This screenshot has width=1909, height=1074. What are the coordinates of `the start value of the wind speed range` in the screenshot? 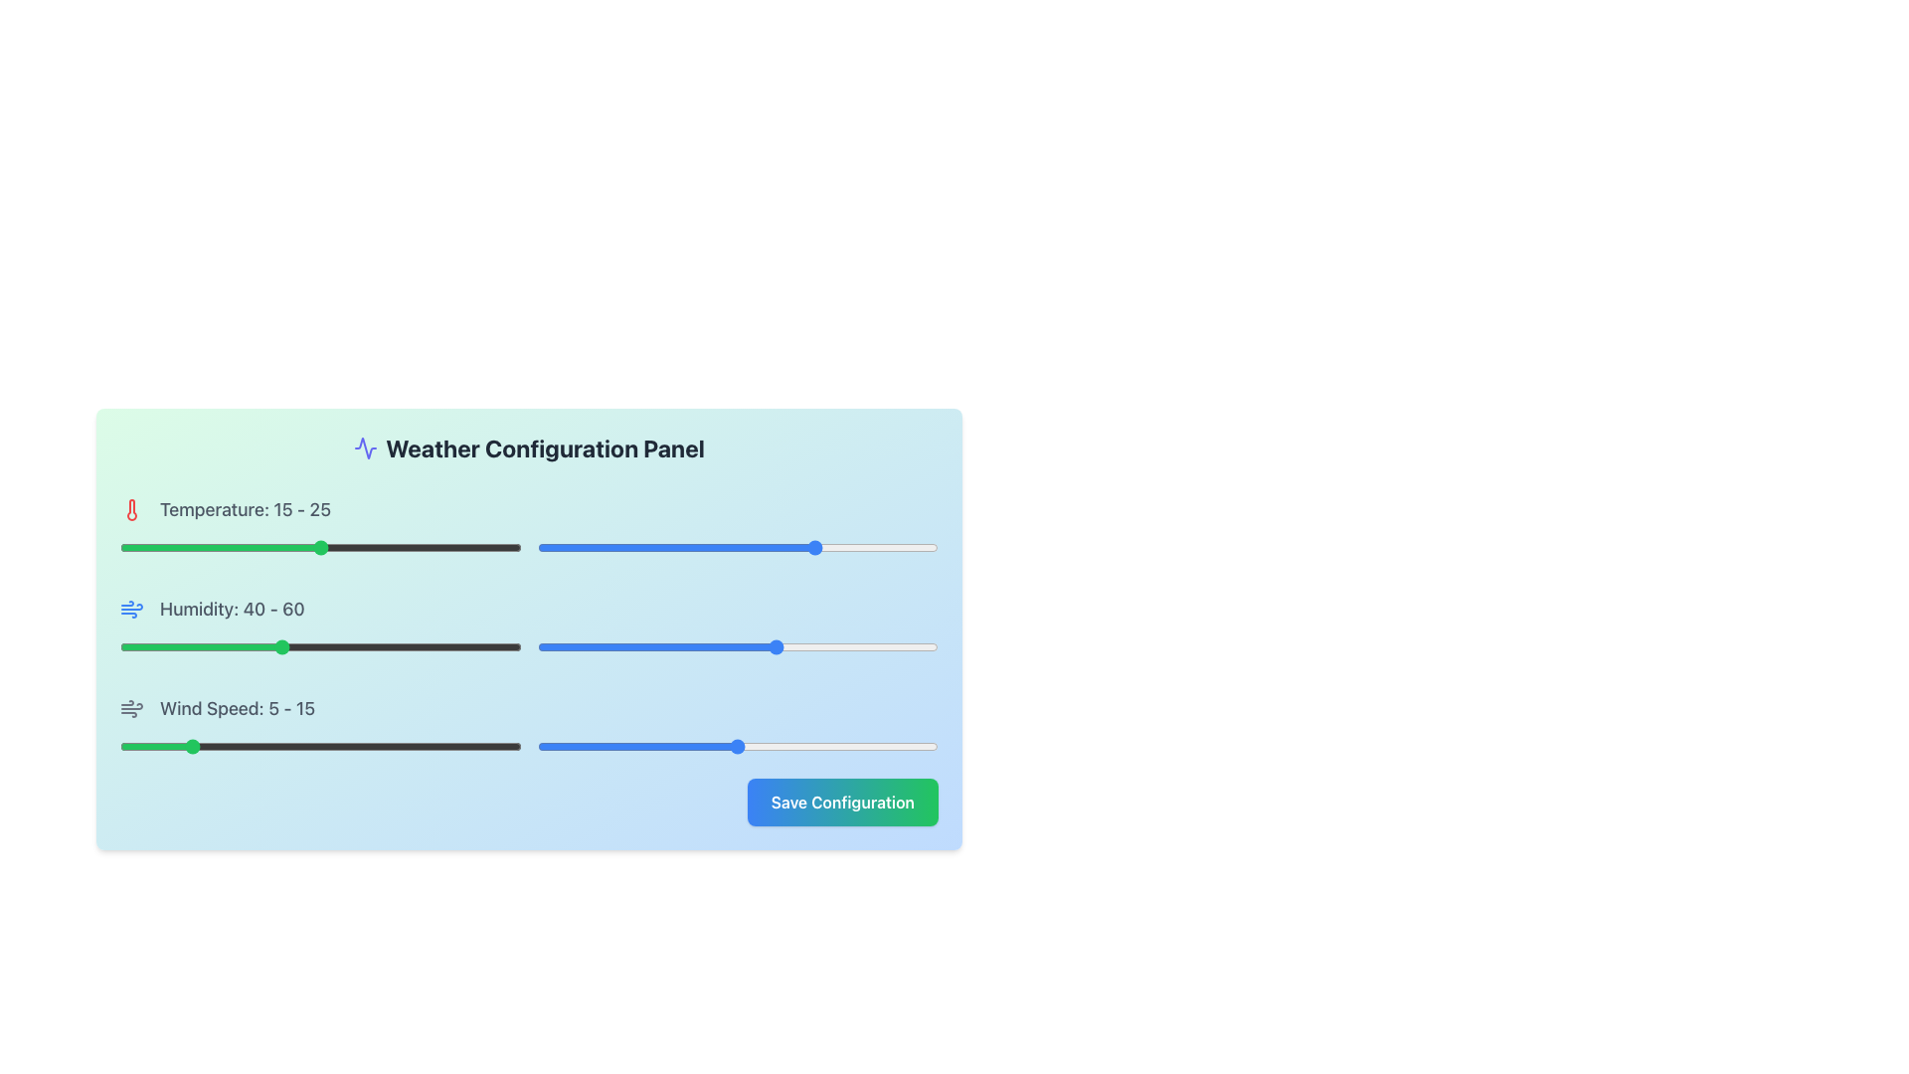 It's located at (292, 747).